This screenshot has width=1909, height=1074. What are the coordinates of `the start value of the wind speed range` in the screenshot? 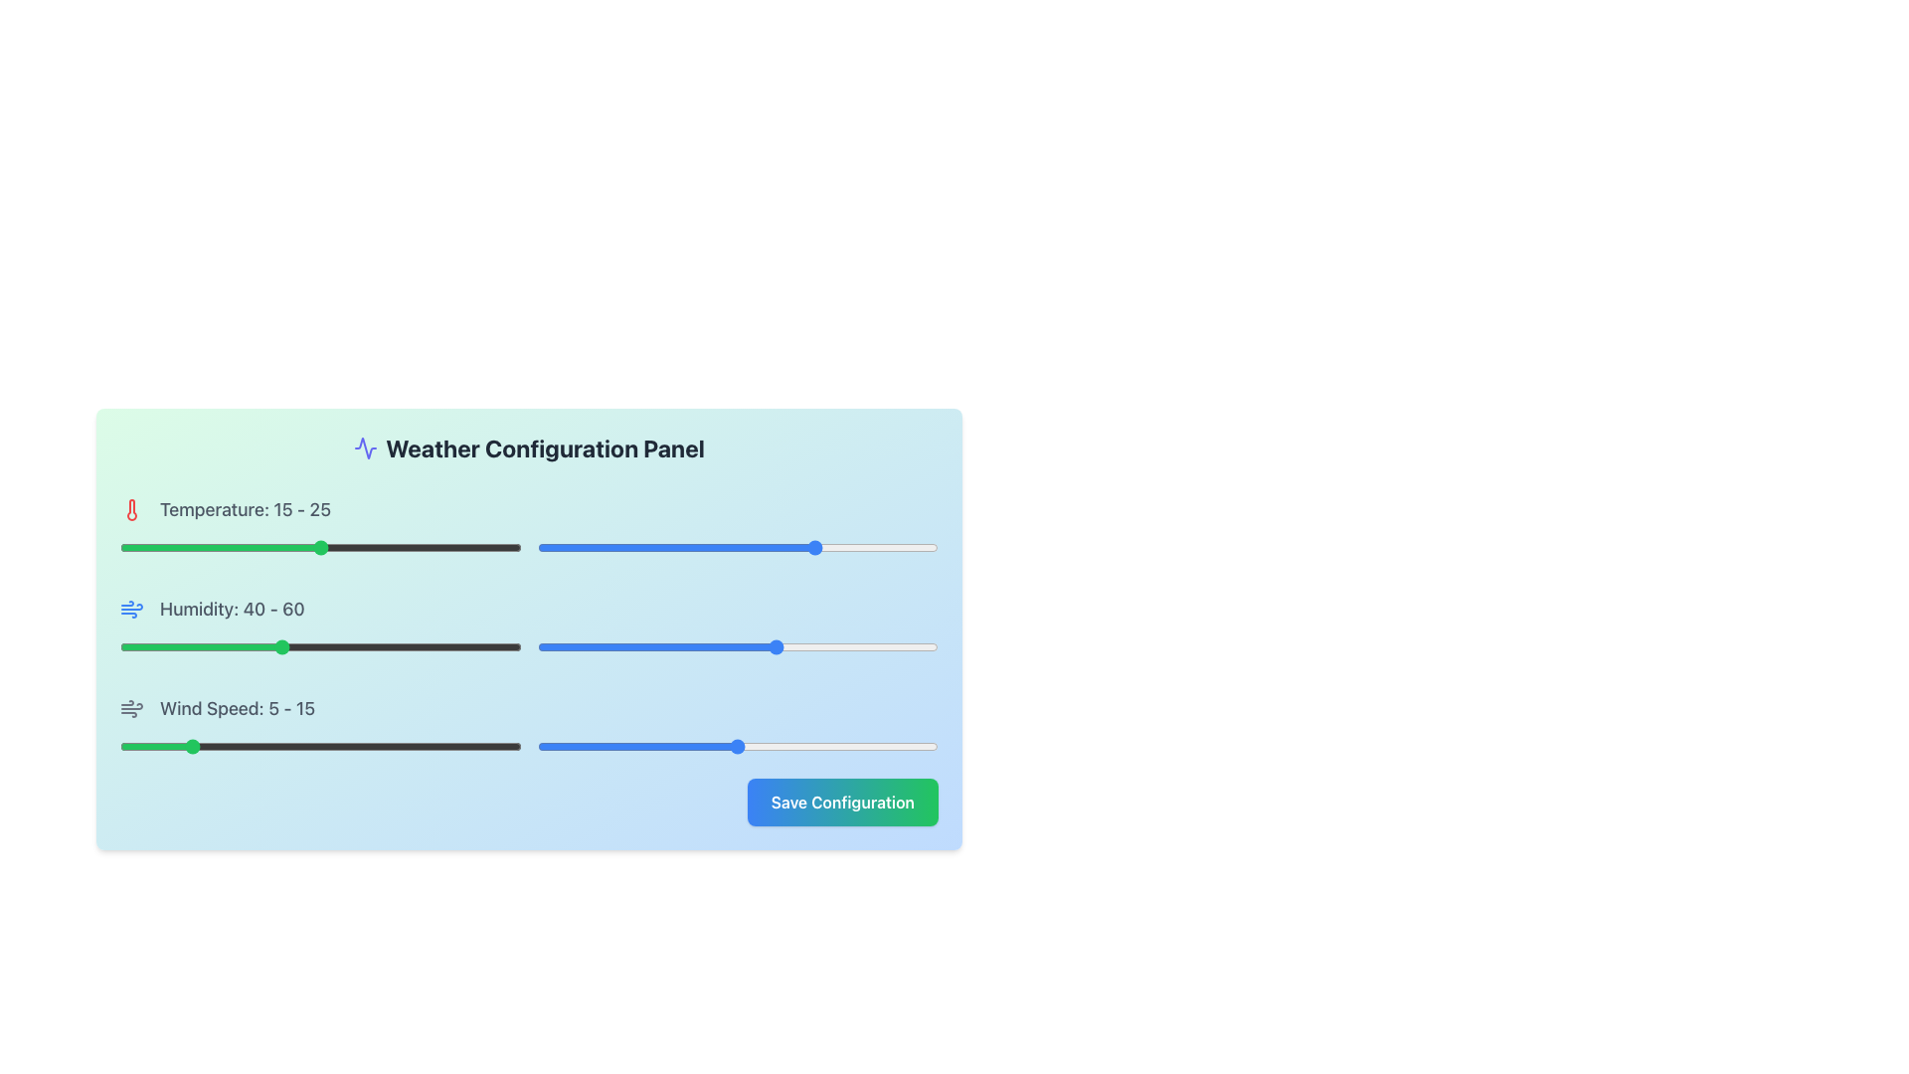 It's located at (292, 747).